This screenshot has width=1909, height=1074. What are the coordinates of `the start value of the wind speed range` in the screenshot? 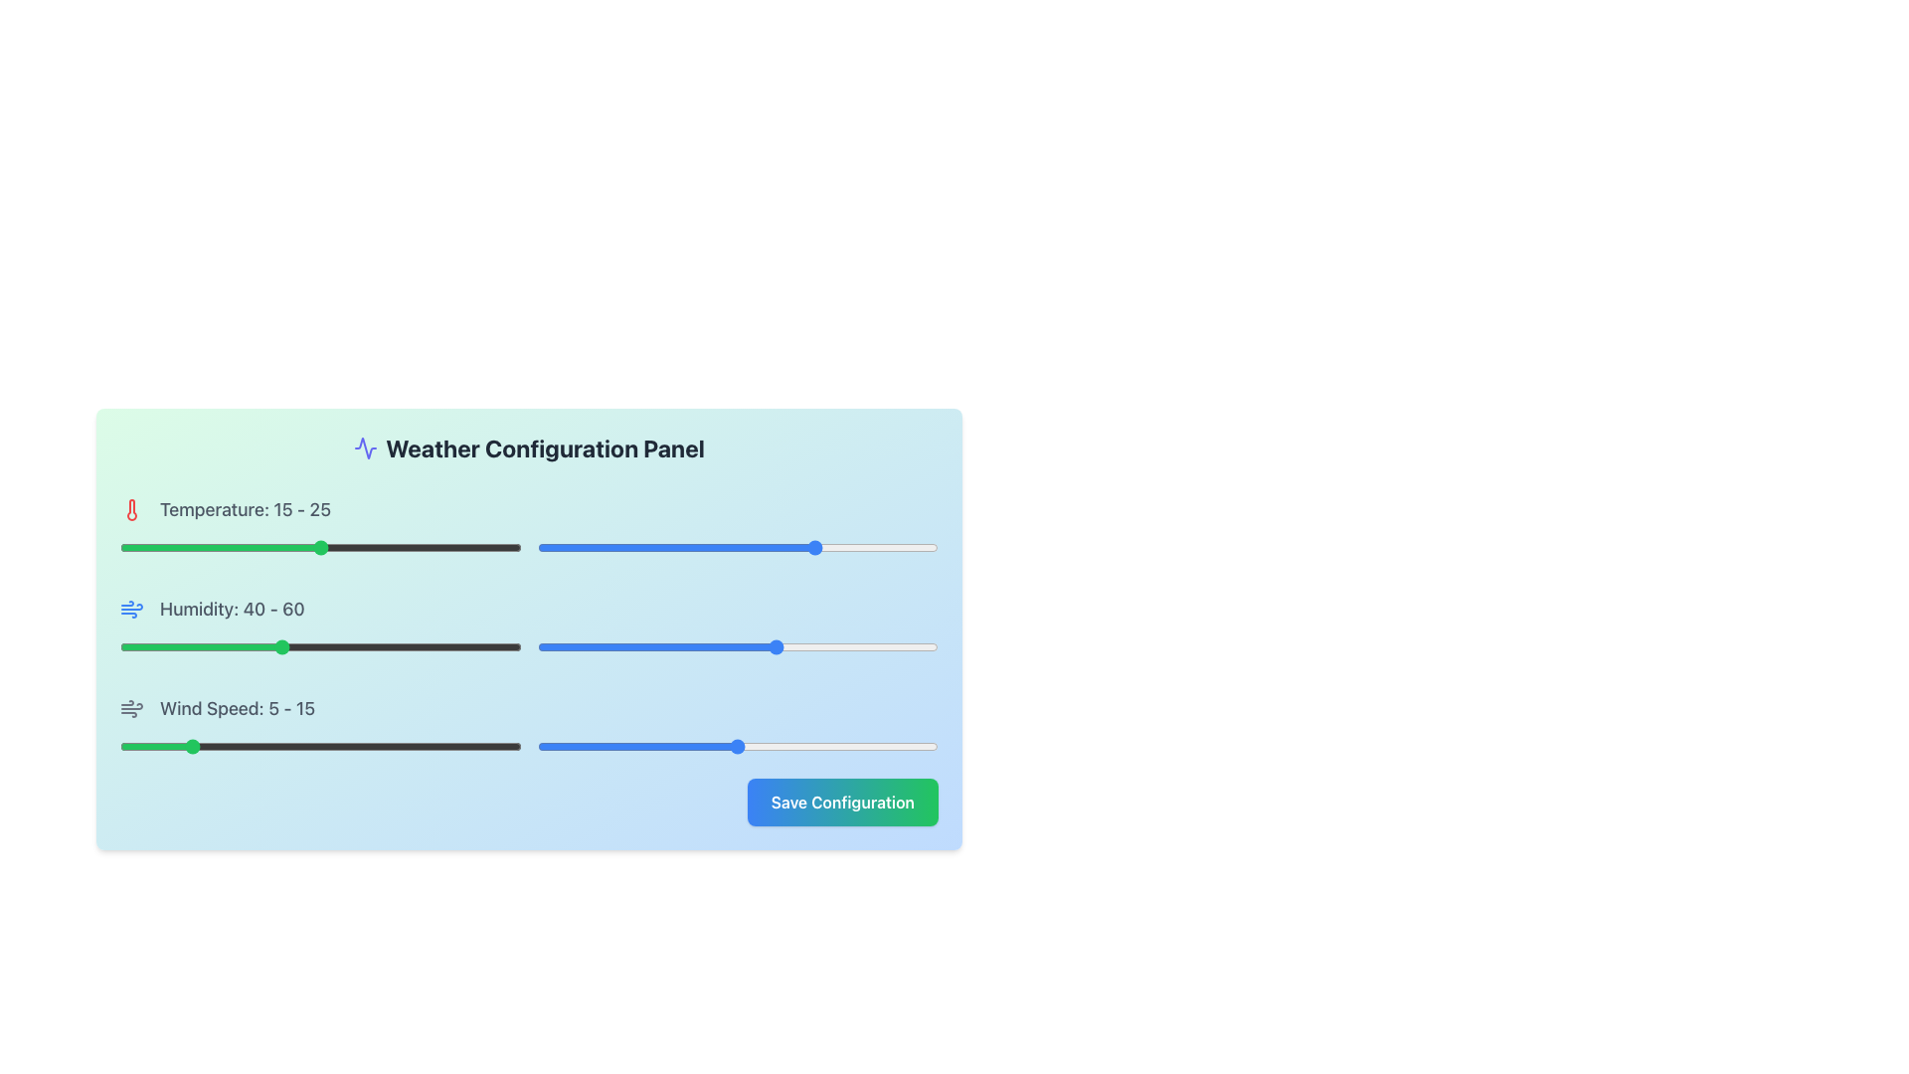 It's located at (292, 747).